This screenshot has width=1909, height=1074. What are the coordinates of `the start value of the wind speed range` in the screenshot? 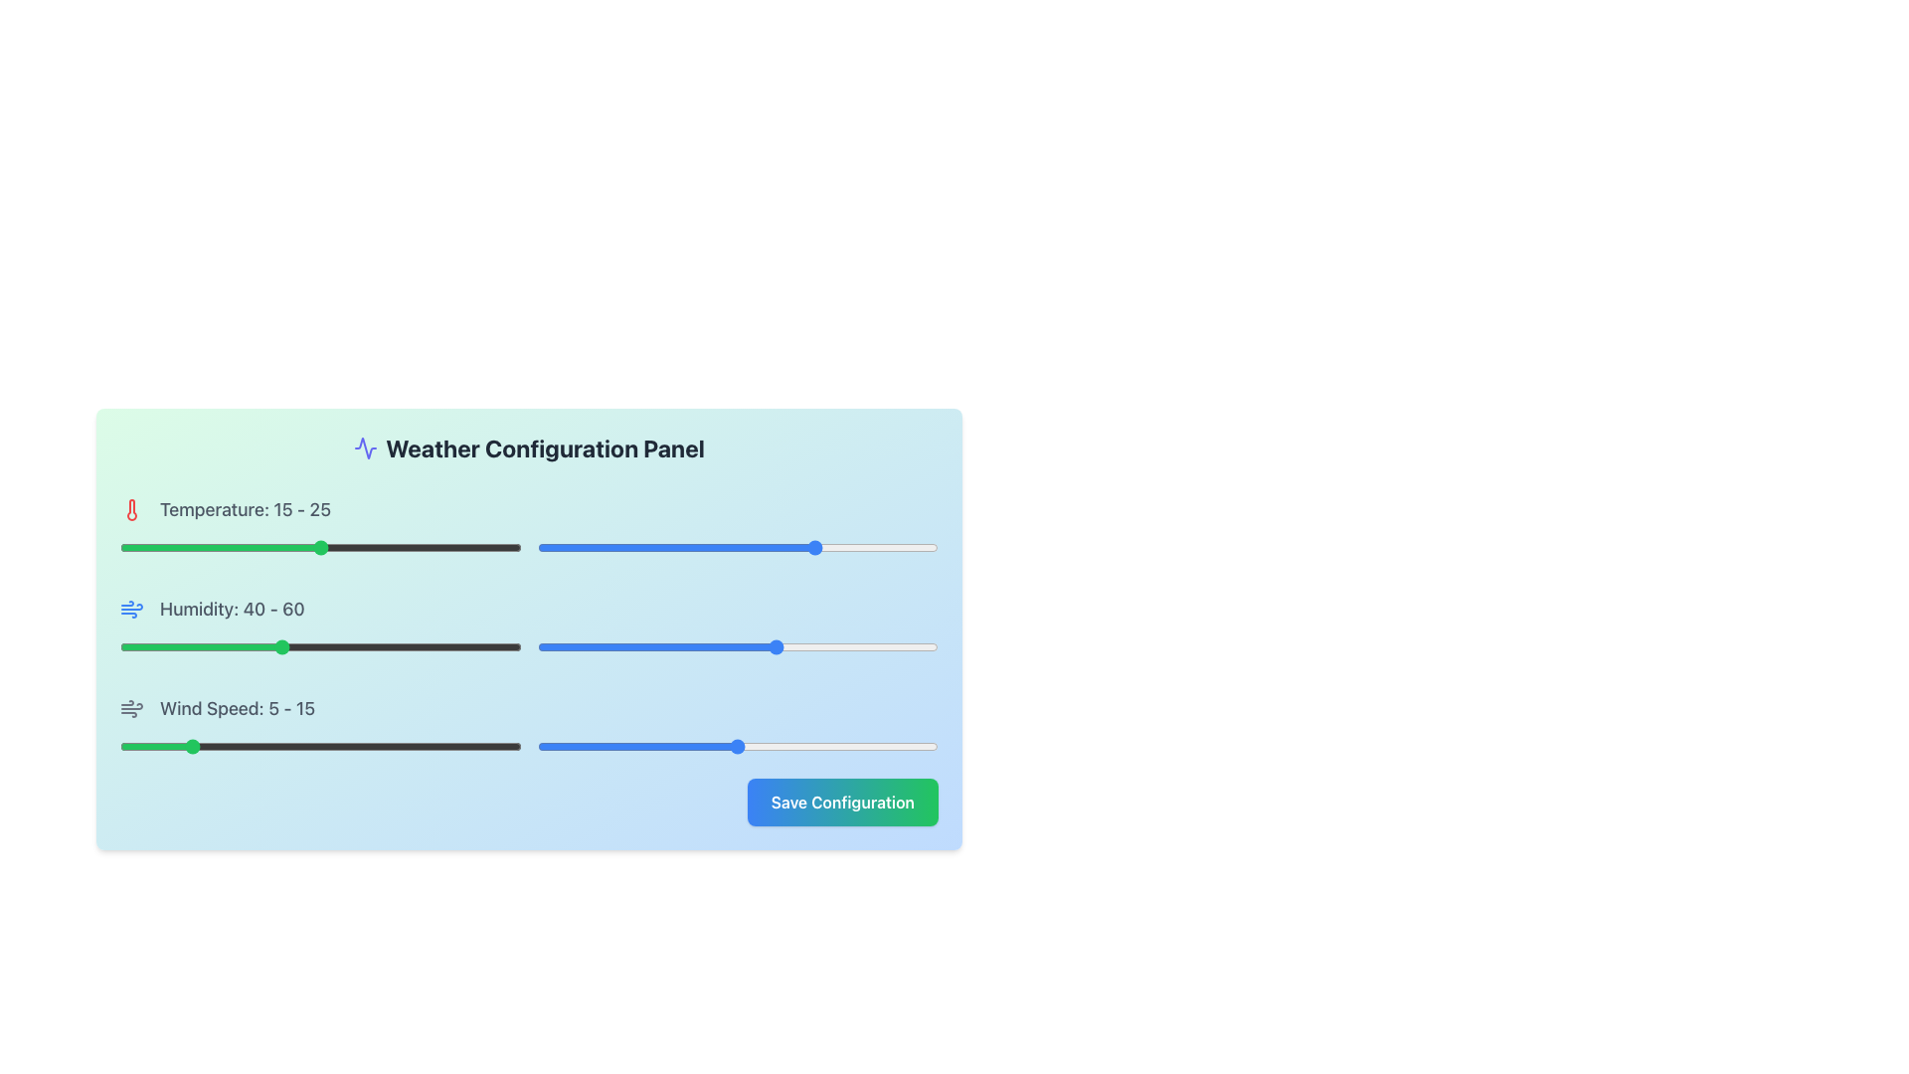 It's located at (292, 747).